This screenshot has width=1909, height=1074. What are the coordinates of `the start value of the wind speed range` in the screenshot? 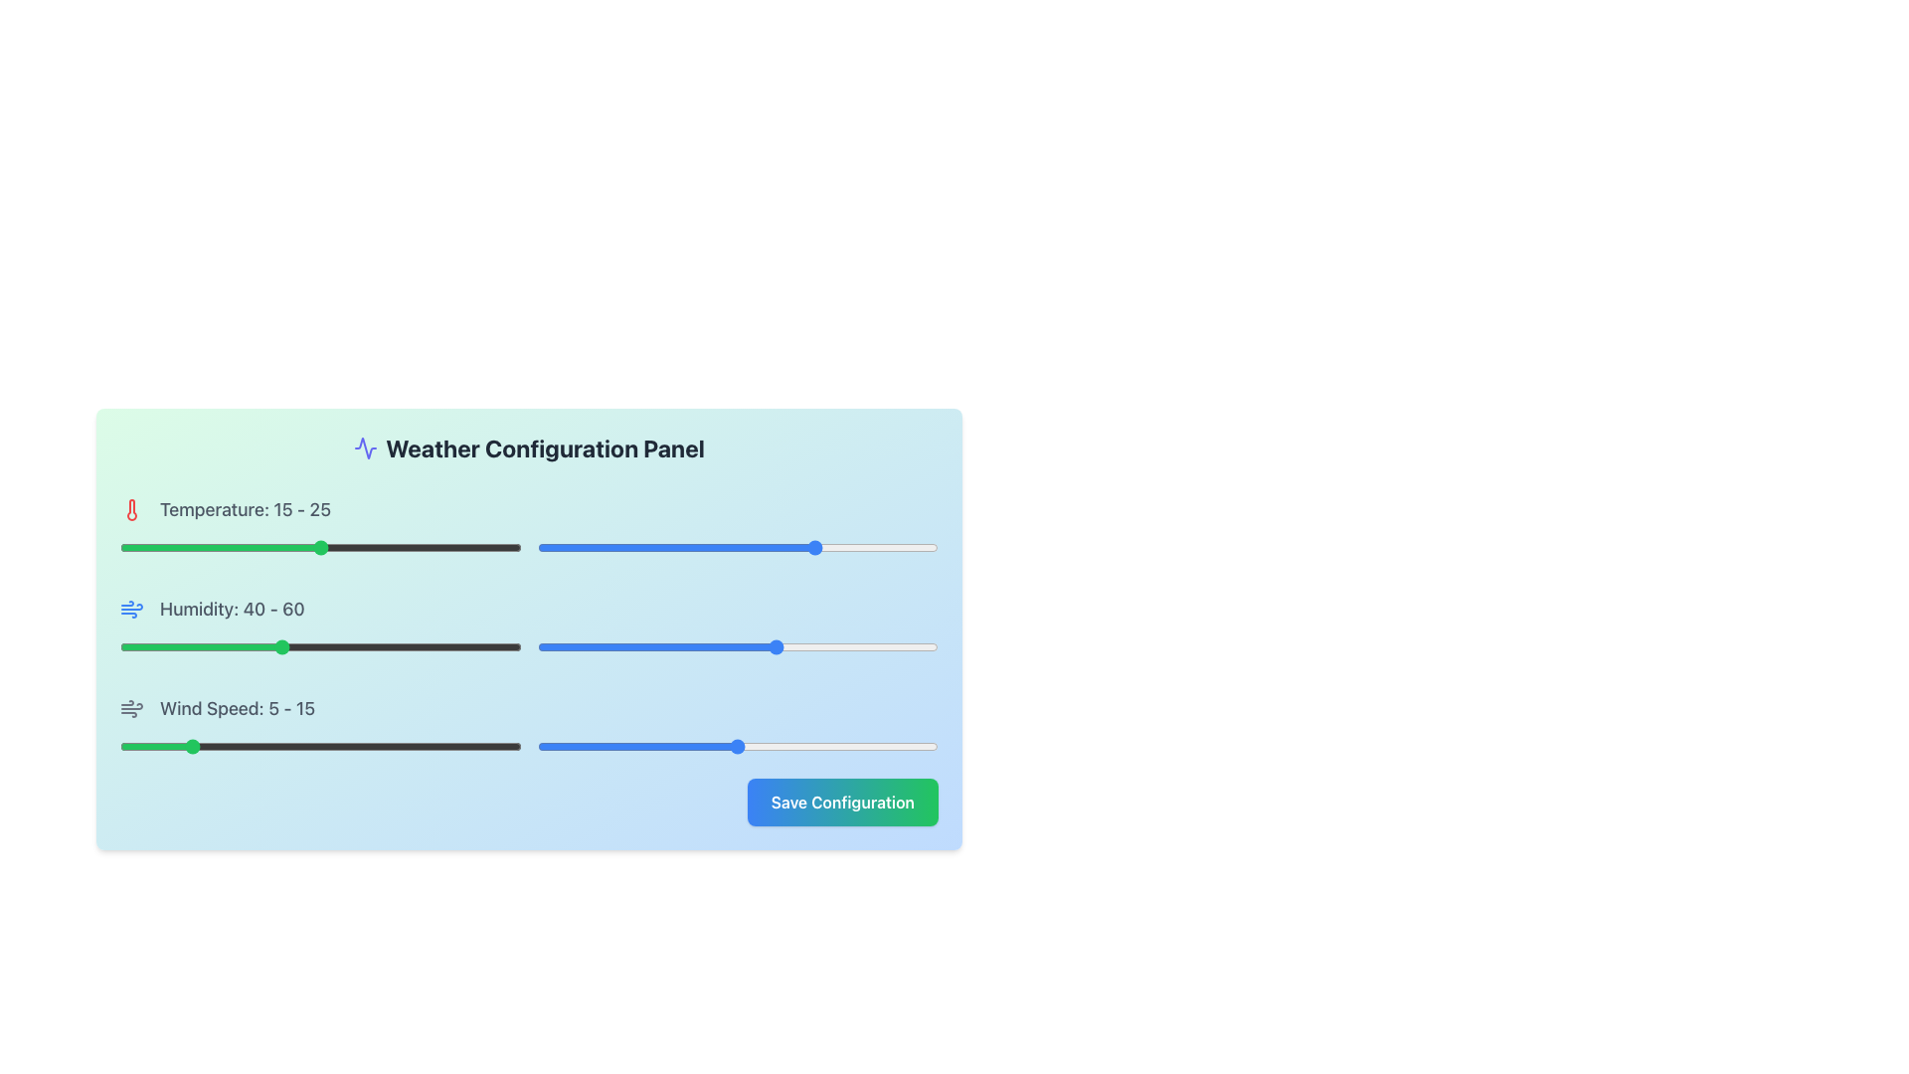 It's located at (292, 747).